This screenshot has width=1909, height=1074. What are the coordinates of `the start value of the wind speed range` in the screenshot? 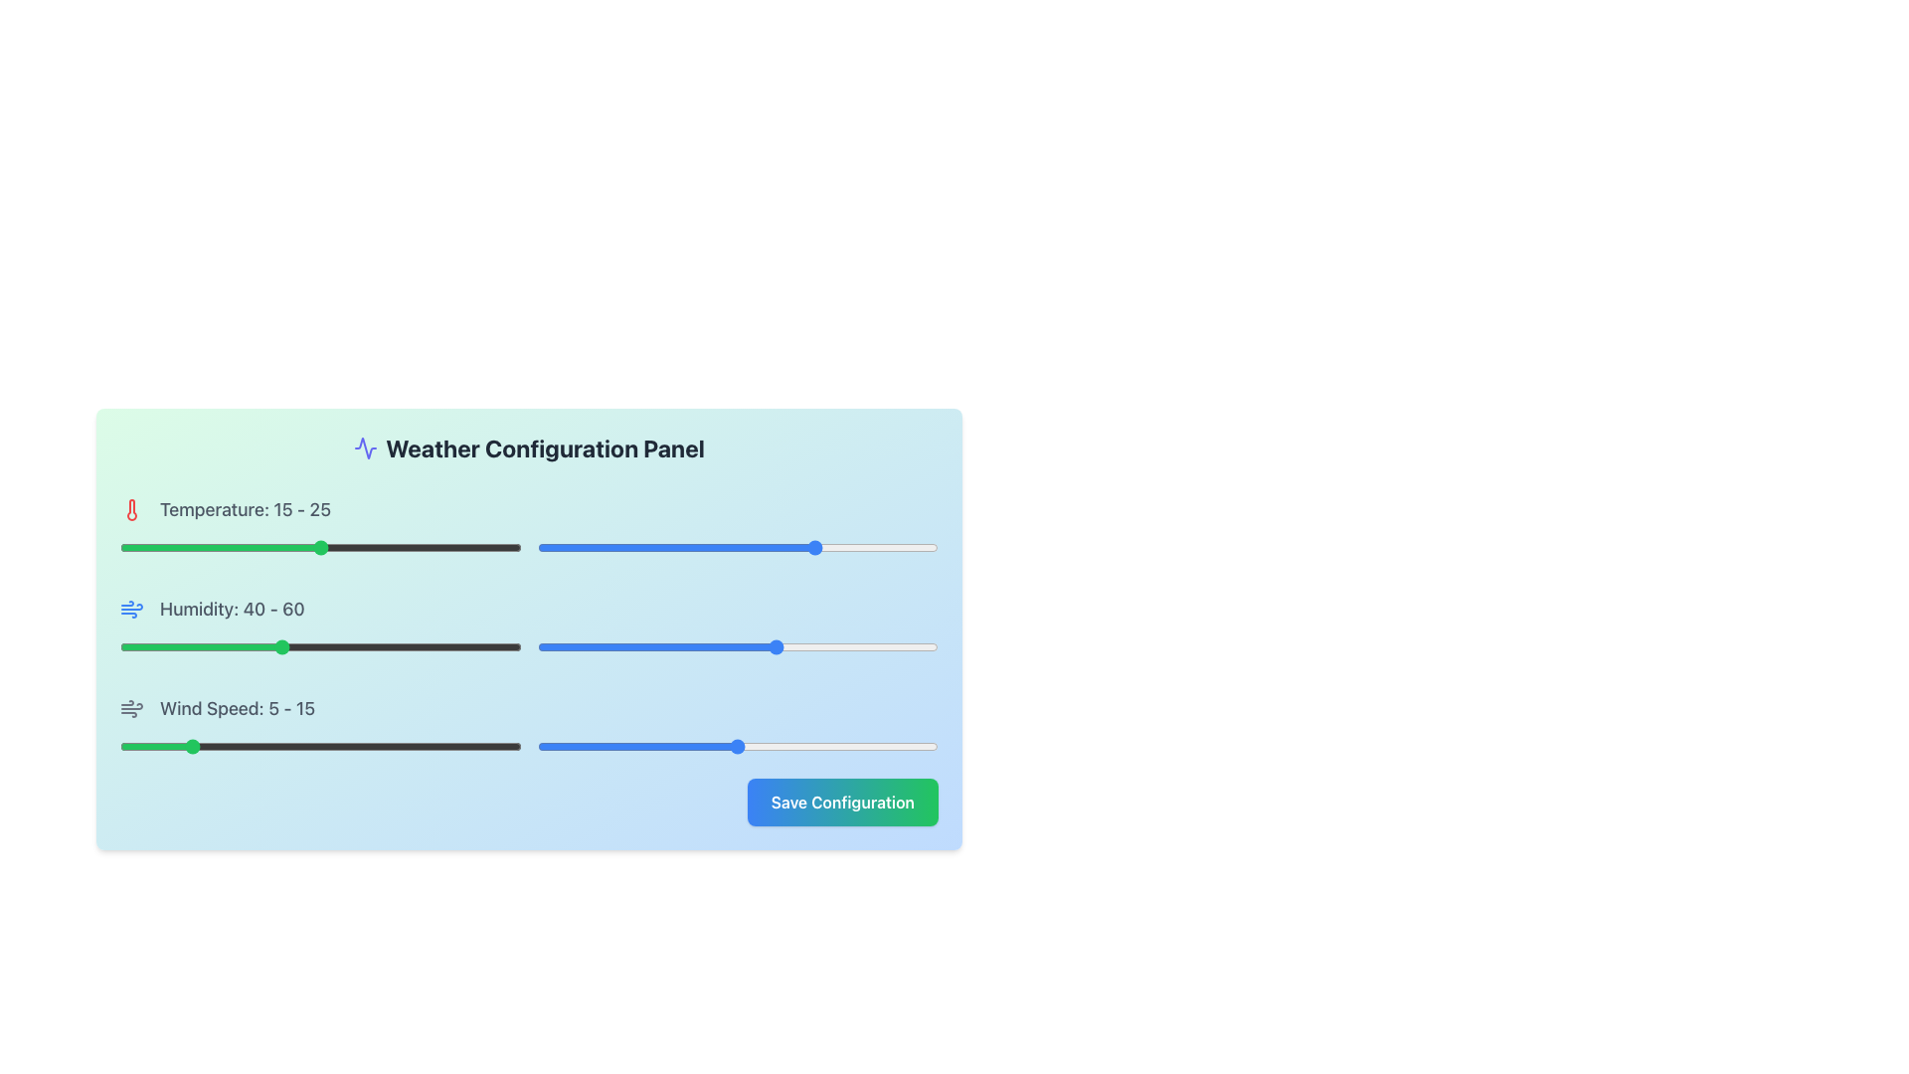 It's located at (292, 747).